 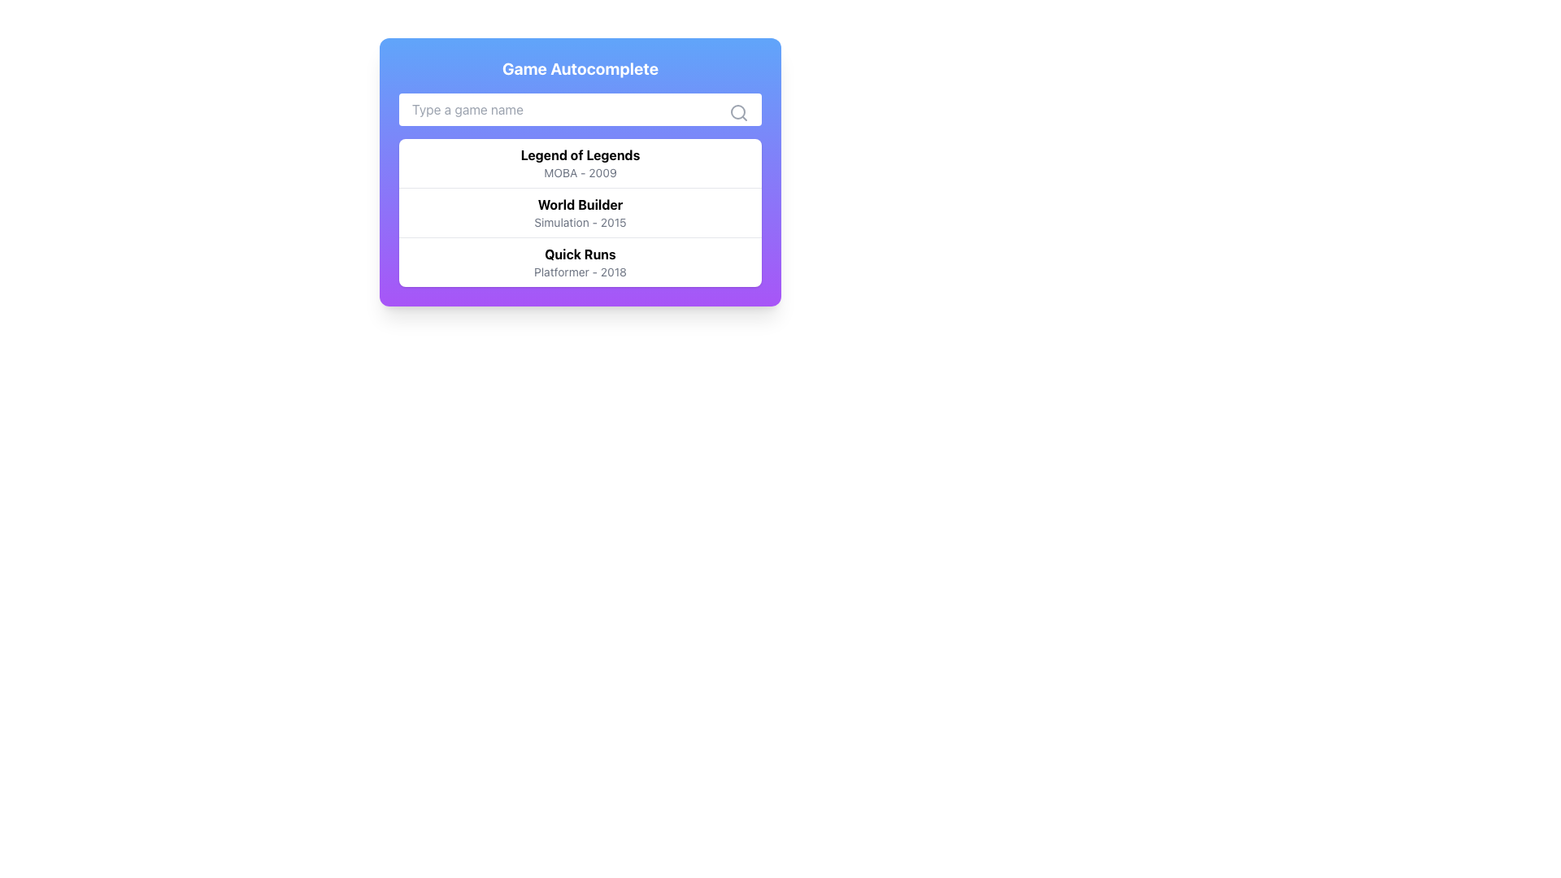 I want to click on the text label that says 'Platformer - 2018', which is styled with light gray font and positioned below the title 'Quick Runs', so click(x=580, y=272).